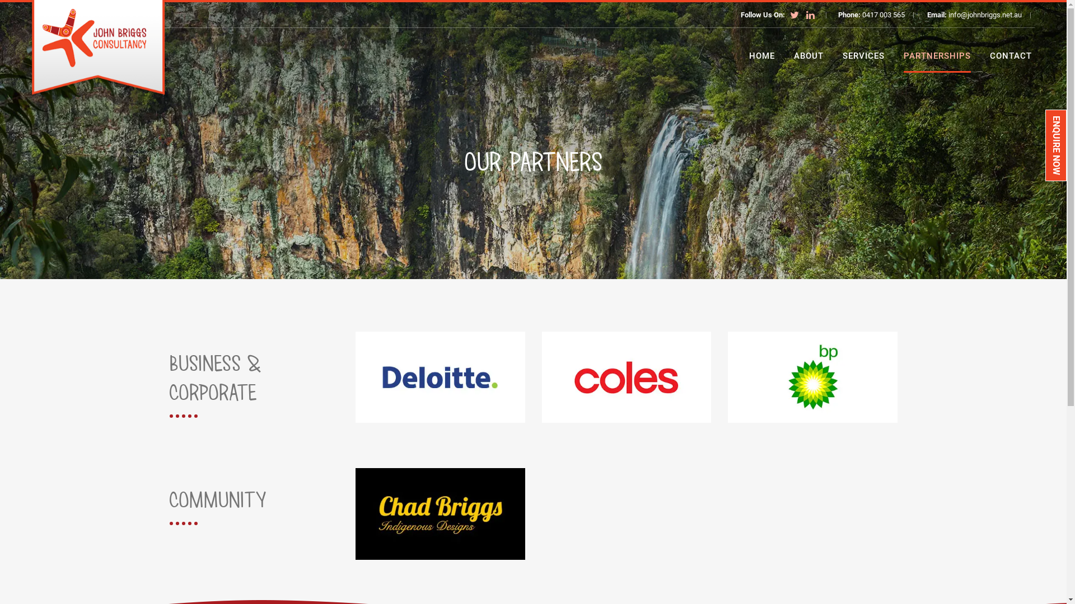  What do you see at coordinates (894, 56) in the screenshot?
I see `'PARTNERSHIPS'` at bounding box center [894, 56].